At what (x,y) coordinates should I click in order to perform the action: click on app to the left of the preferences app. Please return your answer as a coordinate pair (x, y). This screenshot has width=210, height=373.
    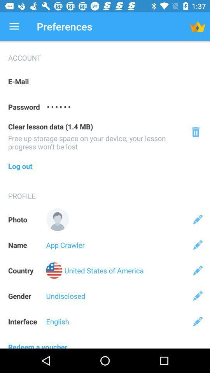
    Looking at the image, I should click on (14, 26).